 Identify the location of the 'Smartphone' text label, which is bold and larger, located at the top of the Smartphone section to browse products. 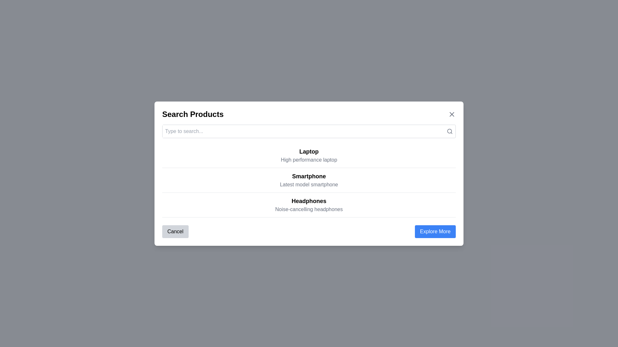
(309, 176).